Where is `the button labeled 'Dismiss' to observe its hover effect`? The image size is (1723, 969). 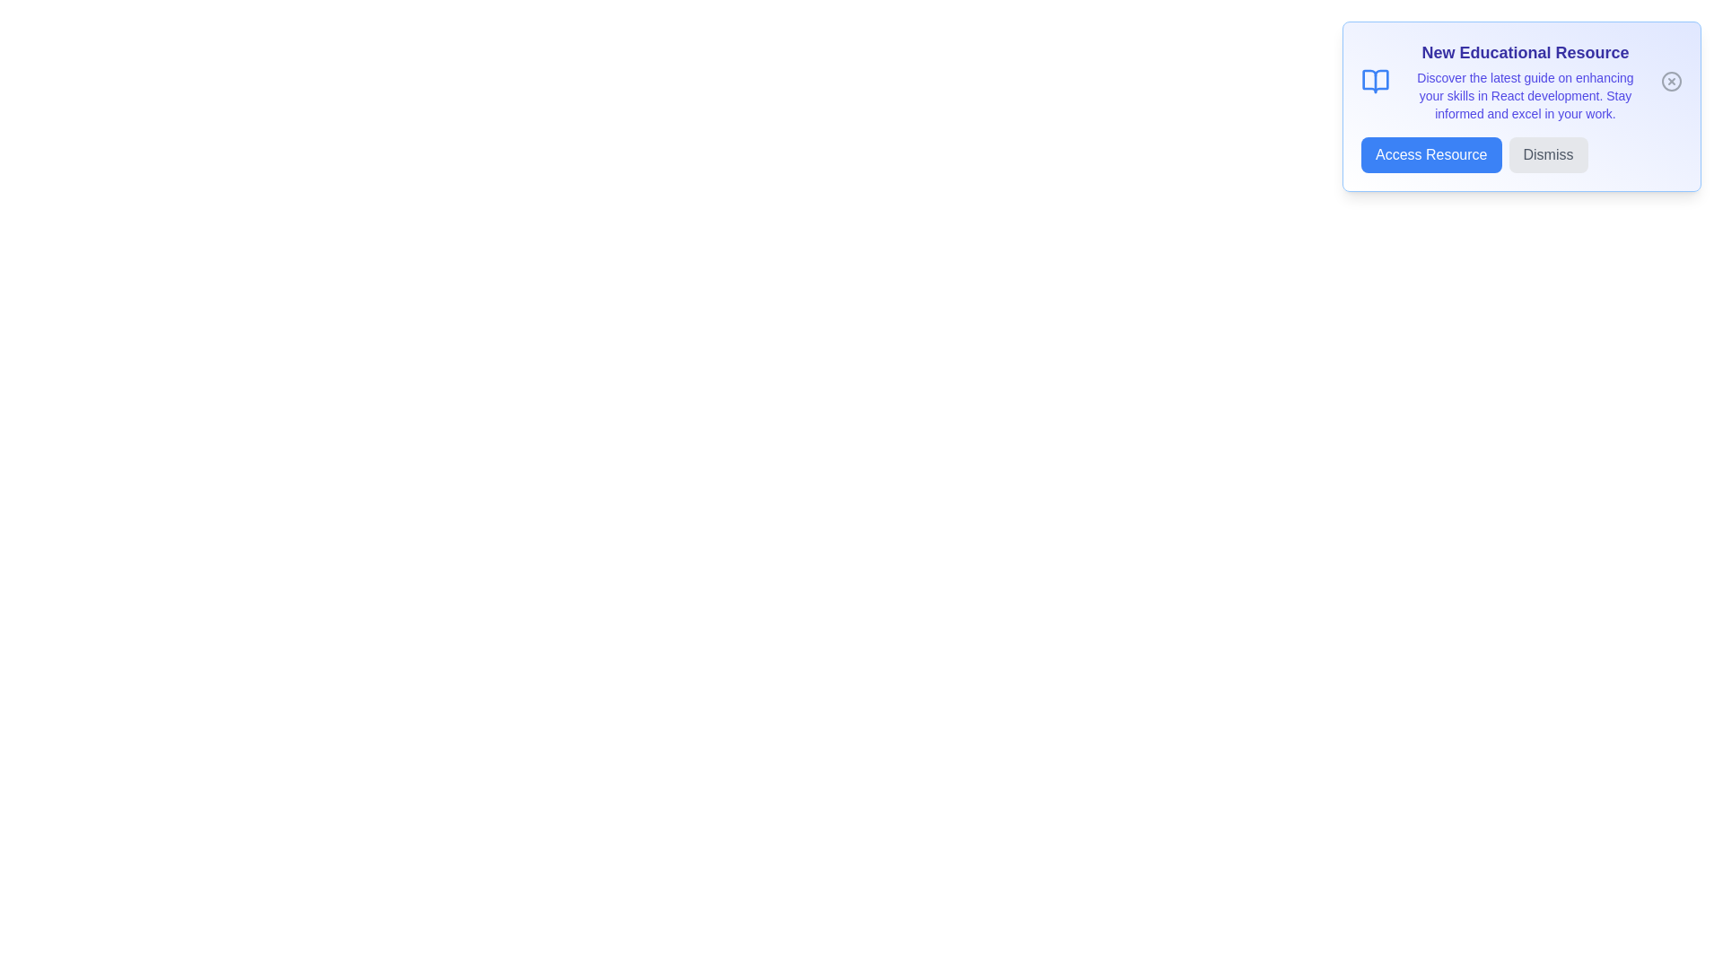
the button labeled 'Dismiss' to observe its hover effect is located at coordinates (1546, 154).